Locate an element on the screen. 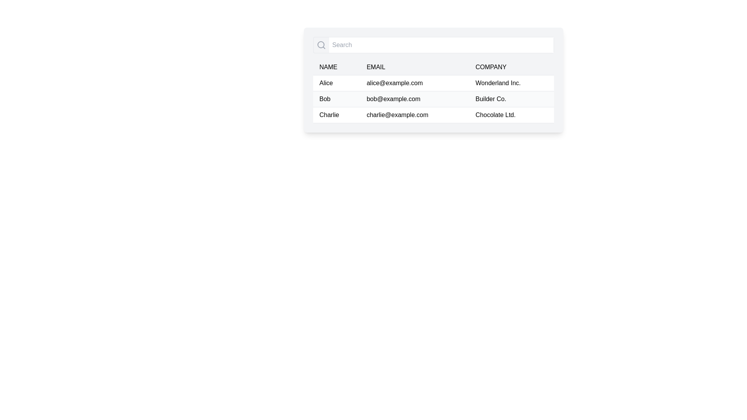  the text label displaying the email address 'alice@example.com' in the middle column labeled 'EMAIL' of the first row in the table is located at coordinates (414, 83).